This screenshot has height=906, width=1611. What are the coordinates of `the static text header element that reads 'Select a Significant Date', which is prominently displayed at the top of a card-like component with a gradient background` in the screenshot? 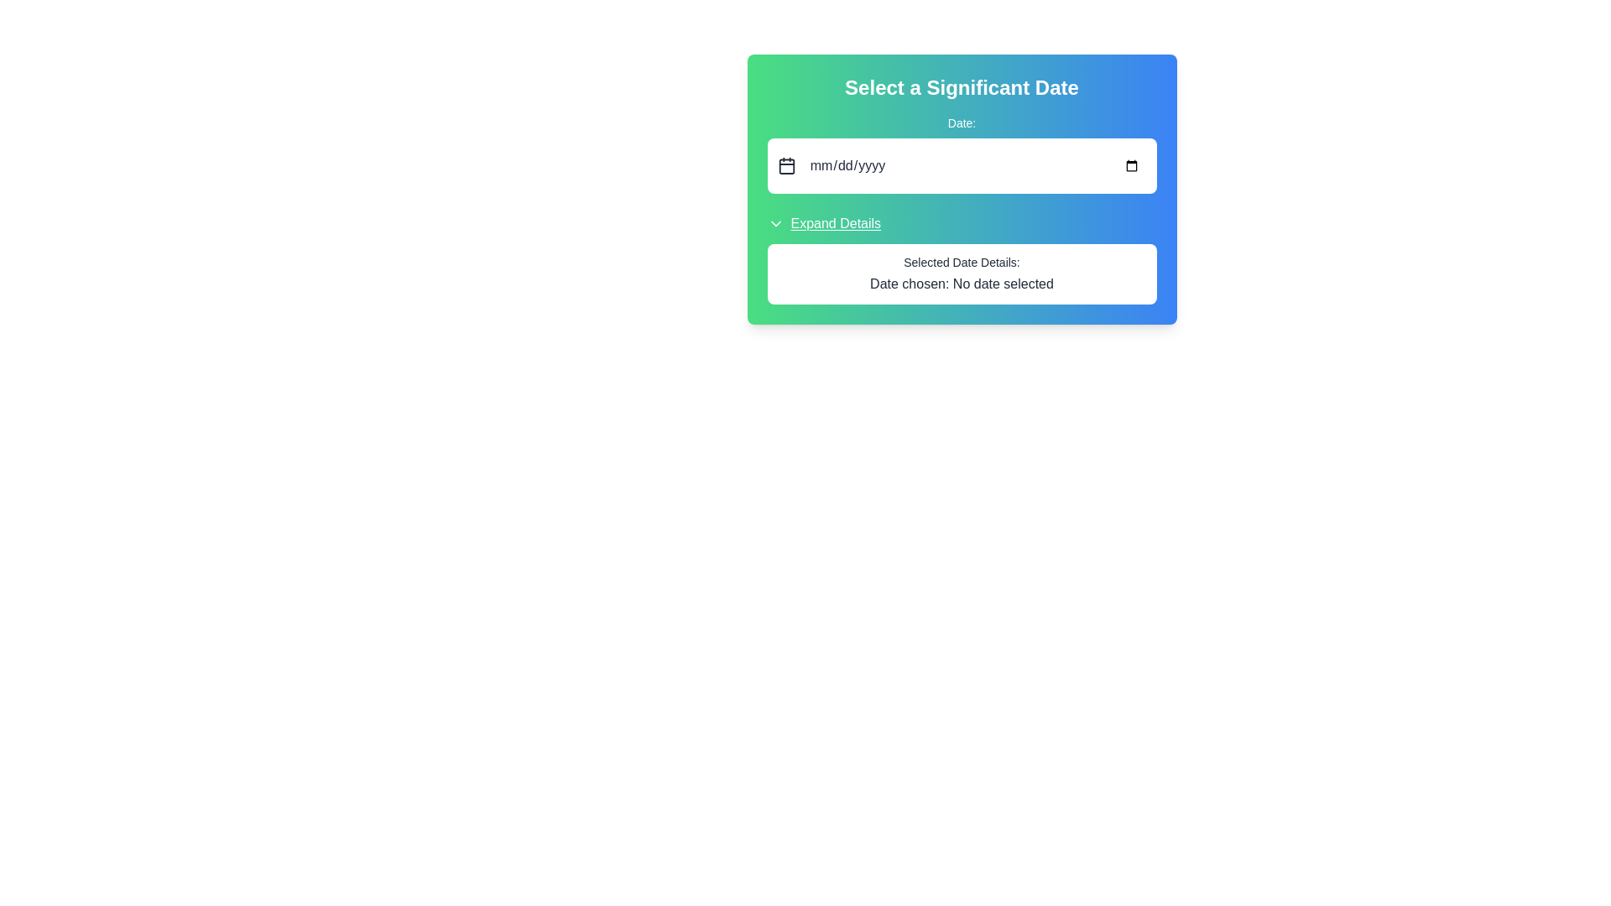 It's located at (962, 87).